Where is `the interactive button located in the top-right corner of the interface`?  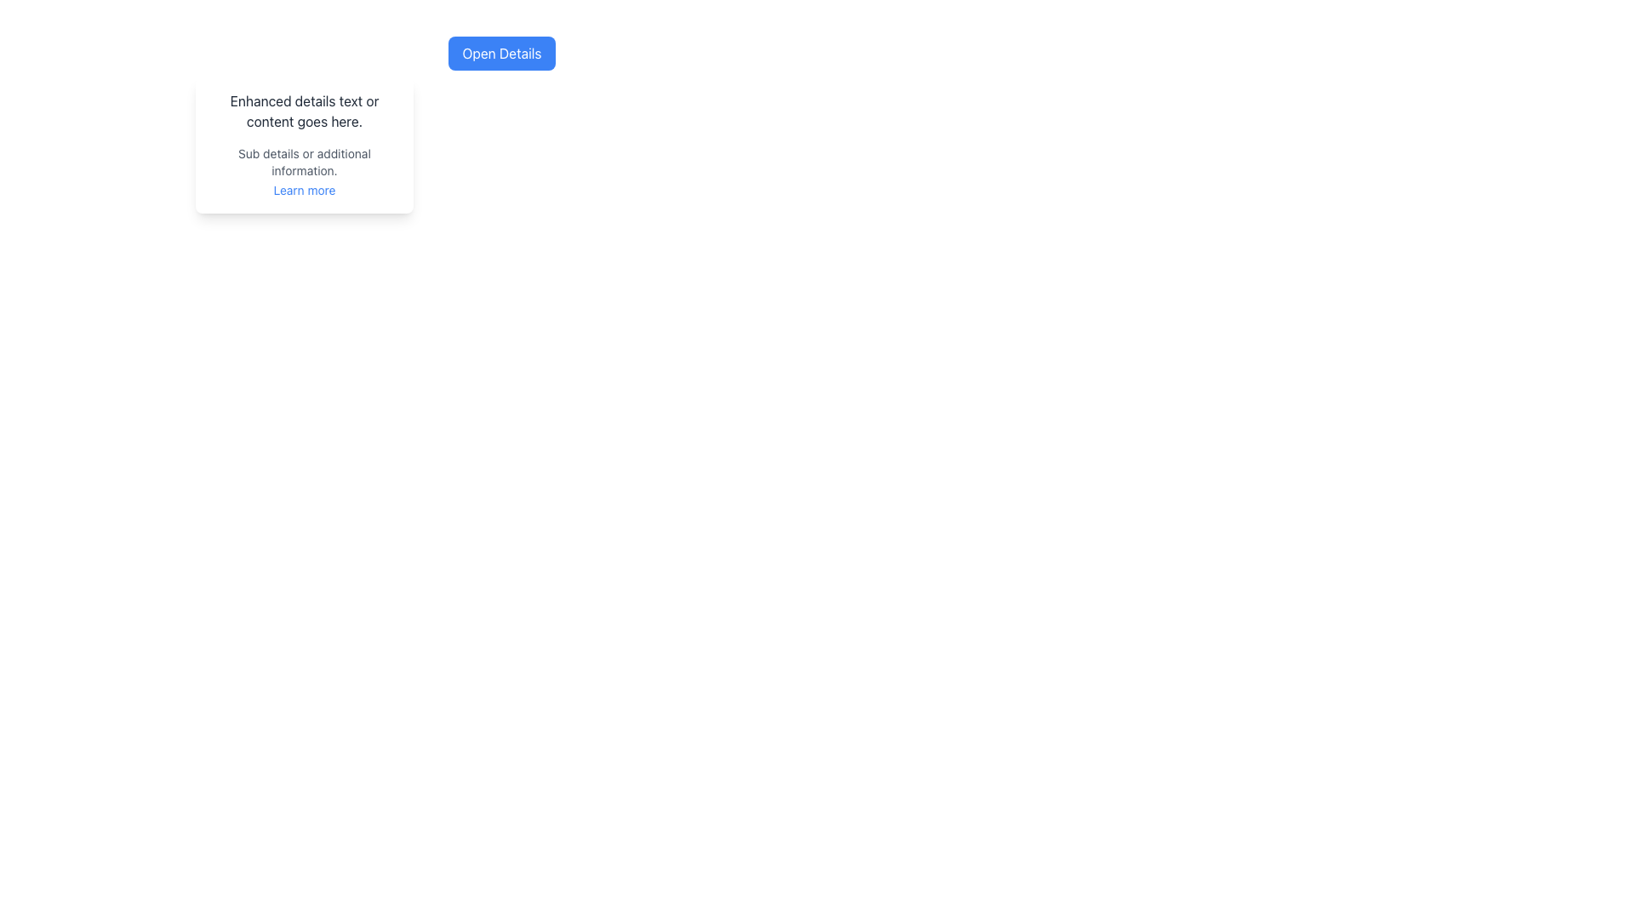
the interactive button located in the top-right corner of the interface is located at coordinates (501, 52).